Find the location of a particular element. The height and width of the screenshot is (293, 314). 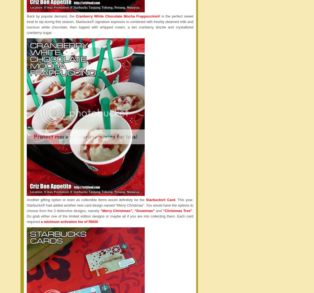

'. This year, Starbucks® had added another new card design named “Merry Christmas”. You would have the options to choose from the 3 distinctive designs, namely' is located at coordinates (110, 205).